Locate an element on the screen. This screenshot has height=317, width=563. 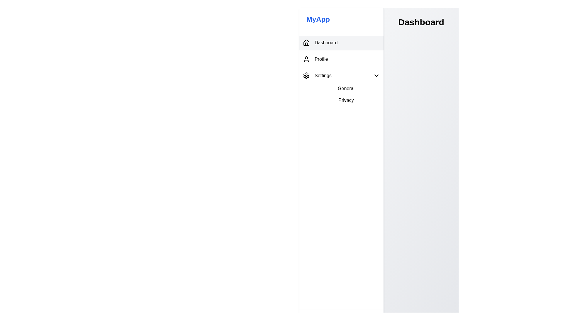
the 'General' settings label within the 'Settings' dropdown menu located in the left navigation panel is located at coordinates (341, 87).